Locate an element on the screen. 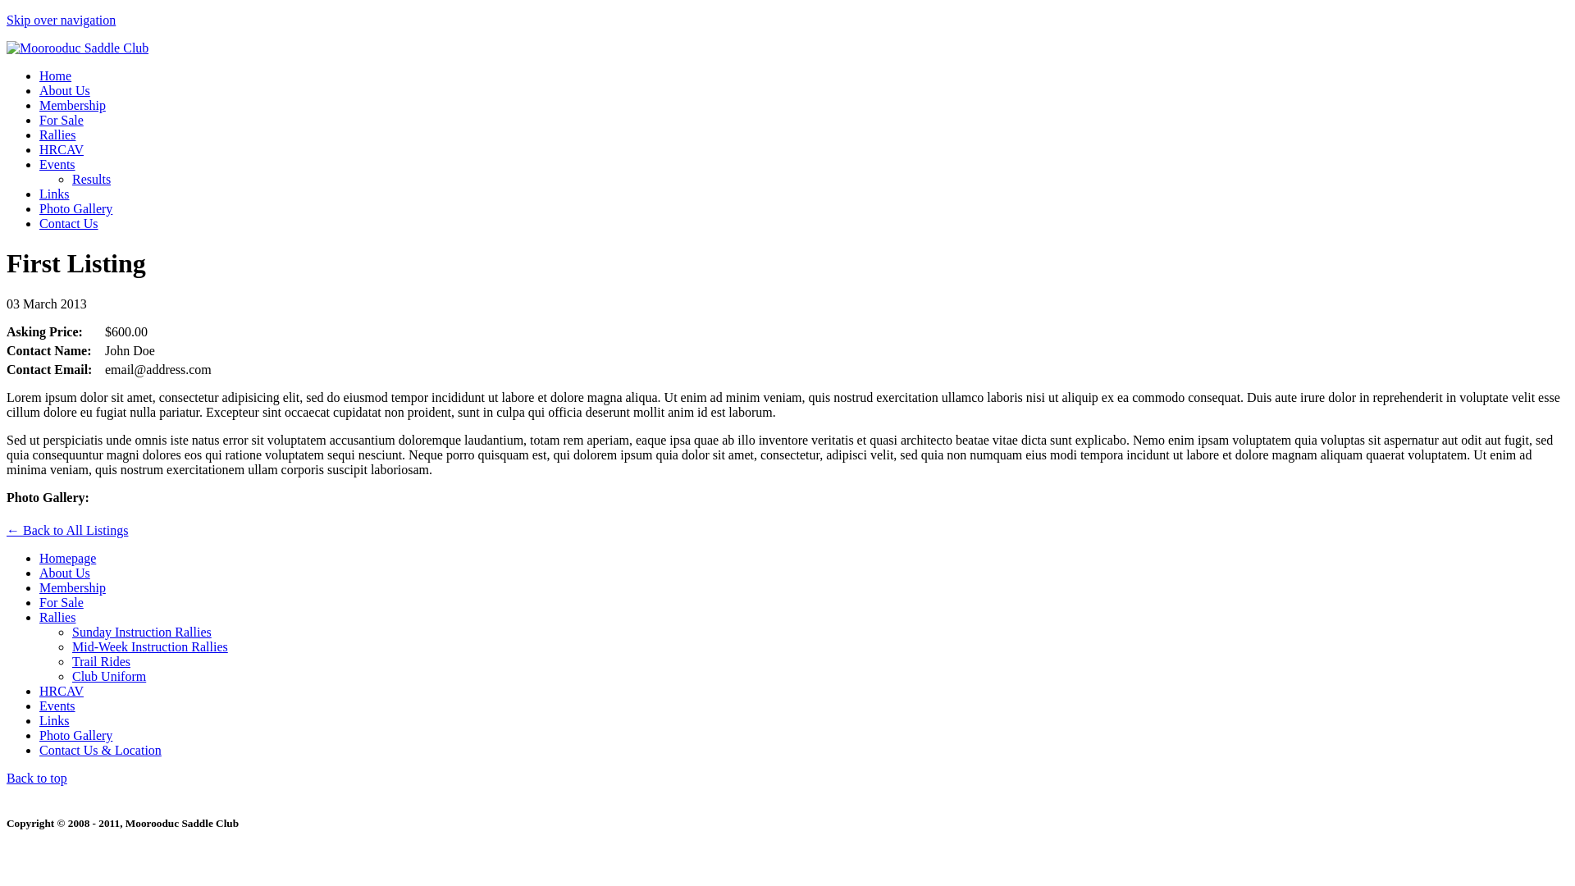 The height and width of the screenshot is (886, 1575). 'Membership' is located at coordinates (71, 587).